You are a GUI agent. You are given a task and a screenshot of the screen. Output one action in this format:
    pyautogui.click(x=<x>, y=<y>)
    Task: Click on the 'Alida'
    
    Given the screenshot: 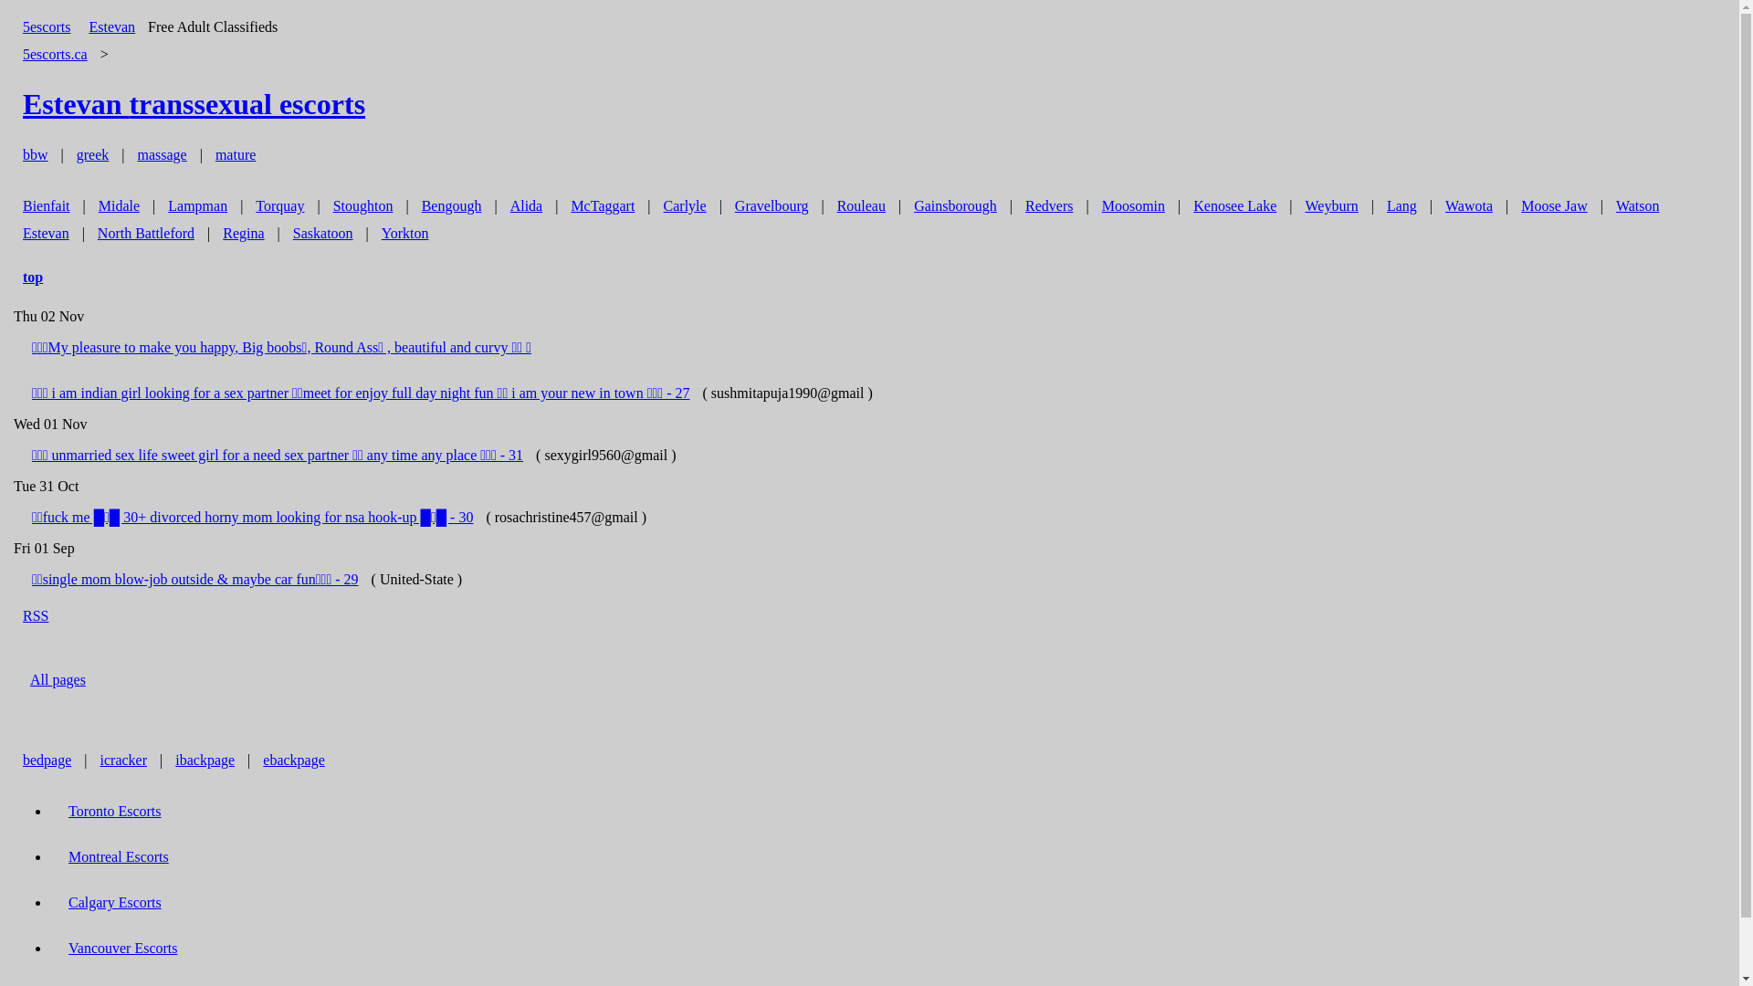 What is the action you would take?
    pyautogui.click(x=525, y=205)
    